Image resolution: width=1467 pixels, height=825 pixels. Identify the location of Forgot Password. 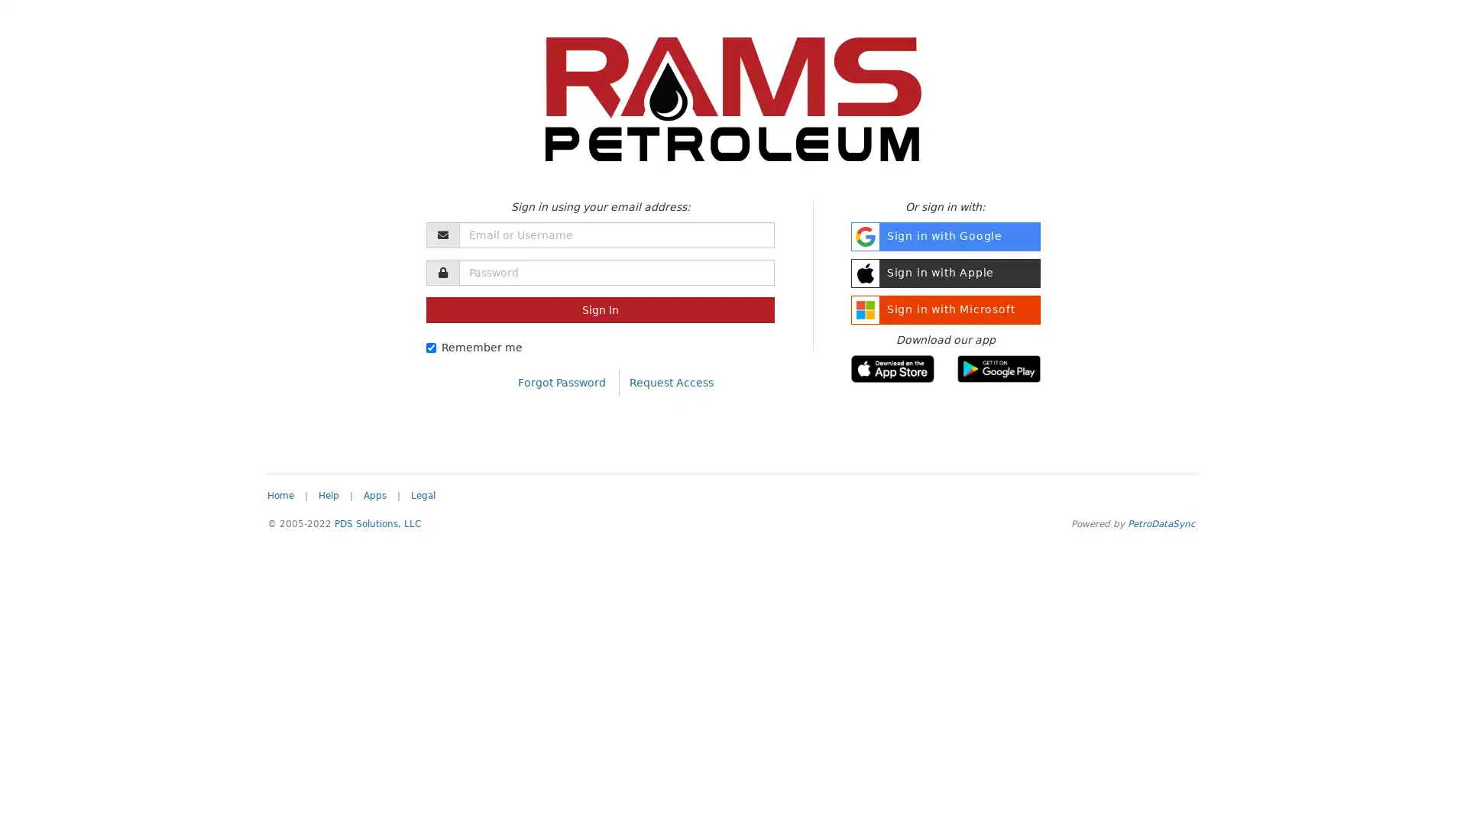
(560, 381).